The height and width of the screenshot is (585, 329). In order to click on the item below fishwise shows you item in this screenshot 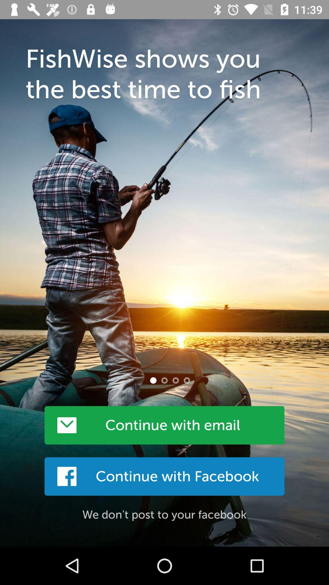, I will do `click(153, 380)`.